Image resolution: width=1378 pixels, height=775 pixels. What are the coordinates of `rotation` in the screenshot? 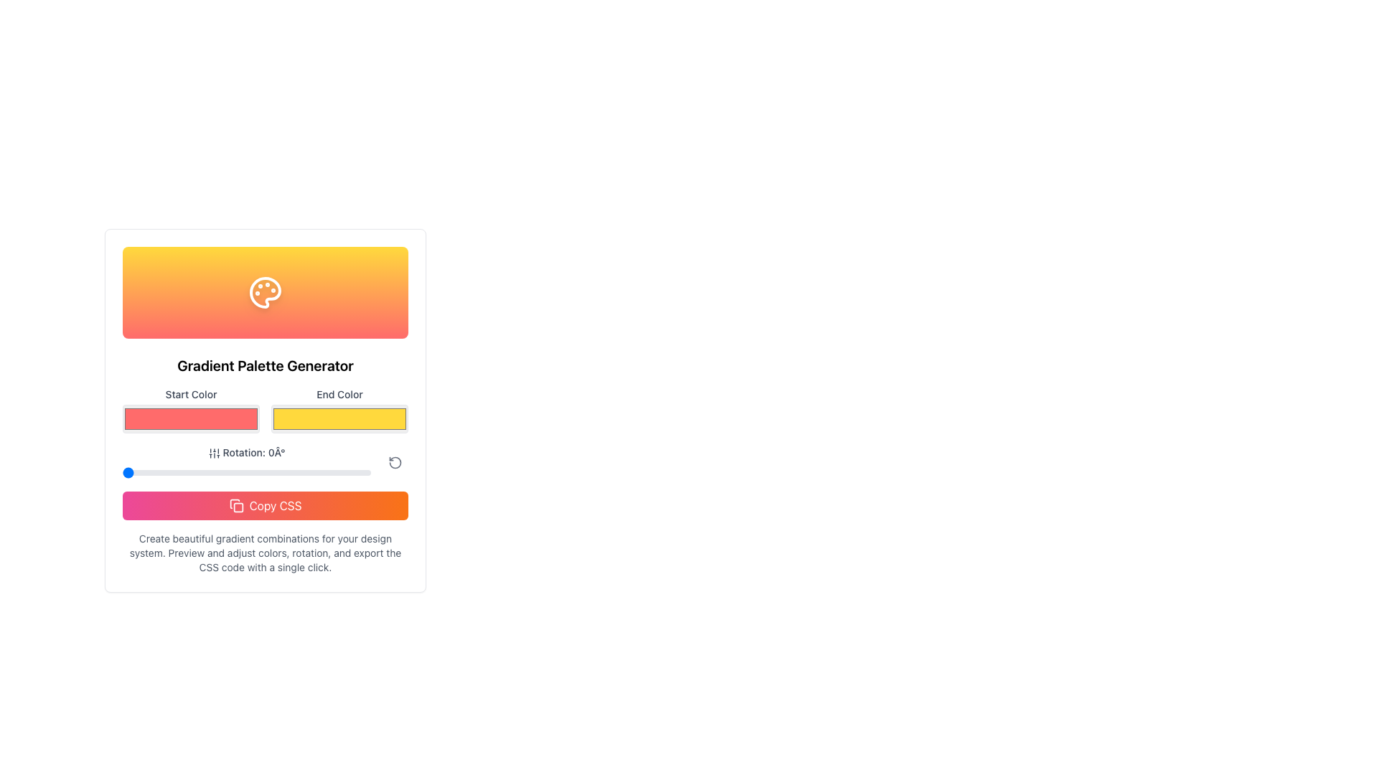 It's located at (156, 473).